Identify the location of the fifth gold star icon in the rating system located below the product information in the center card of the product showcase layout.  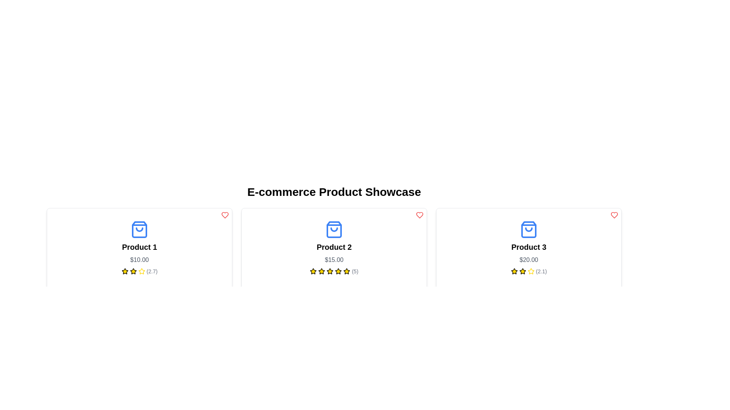
(338, 271).